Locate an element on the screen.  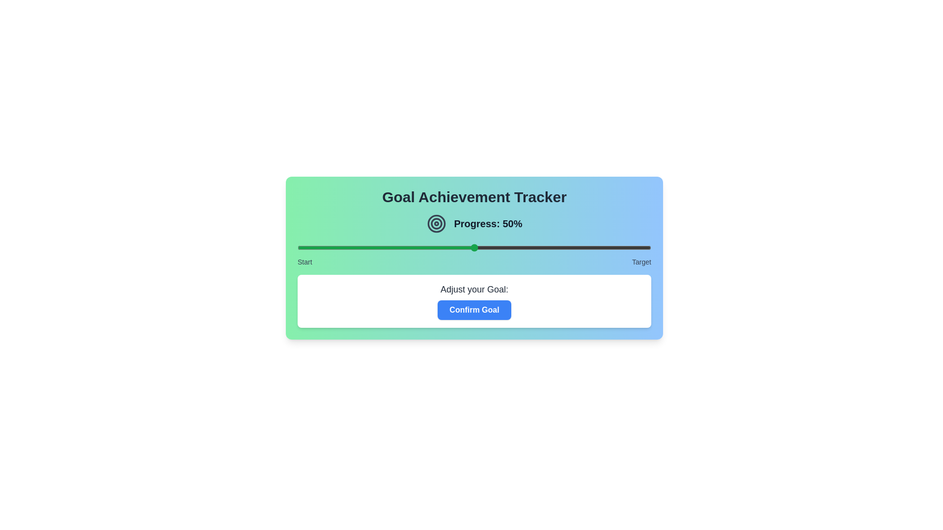
the slider to set the goal to 41% is located at coordinates (442, 247).